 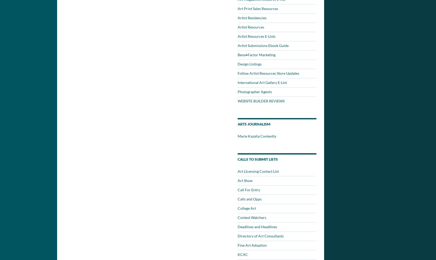 What do you see at coordinates (252, 217) in the screenshot?
I see `'Contest Watchers'` at bounding box center [252, 217].